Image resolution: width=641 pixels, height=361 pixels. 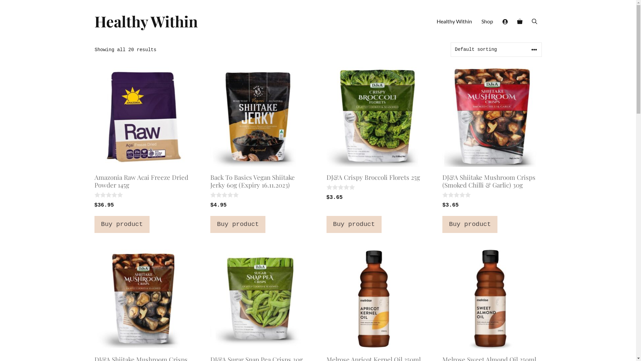 I want to click on 'View your shopping cart', so click(x=512, y=21).